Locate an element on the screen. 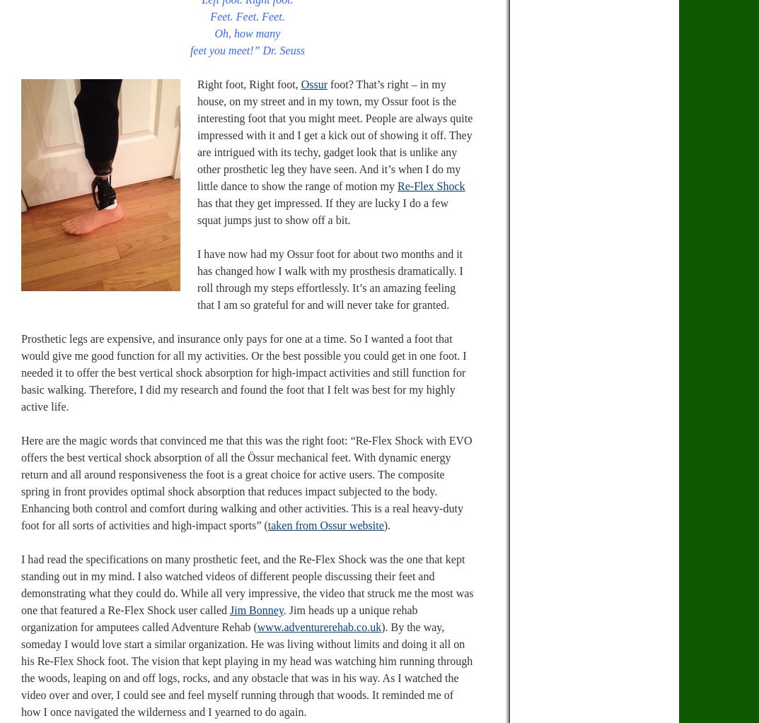 This screenshot has height=723, width=759. 'feet you meet!” Dr. Seuss' is located at coordinates (189, 49).